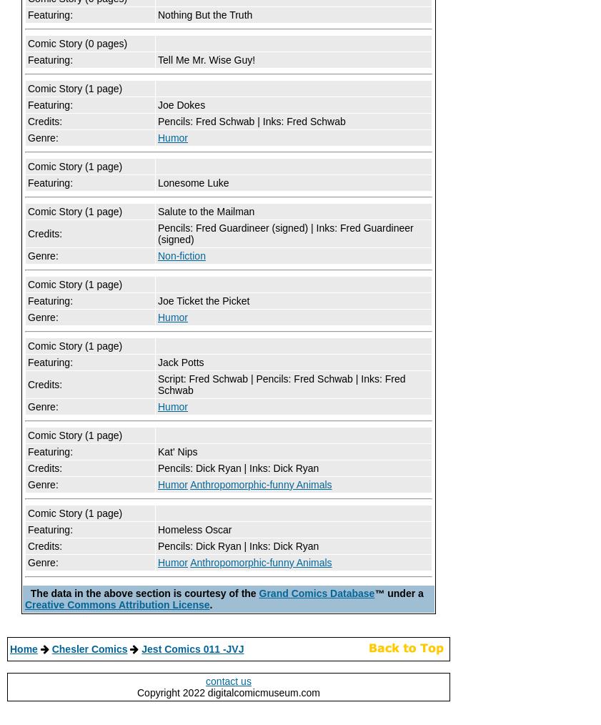 This screenshot has height=725, width=601. I want to click on 'Creative Commons Attribution License', so click(116, 604).